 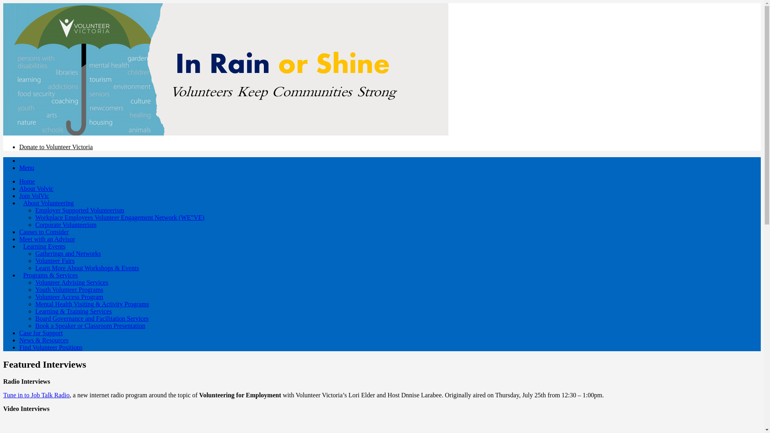 I want to click on 'Learn More About Workshops & Events', so click(x=87, y=268).